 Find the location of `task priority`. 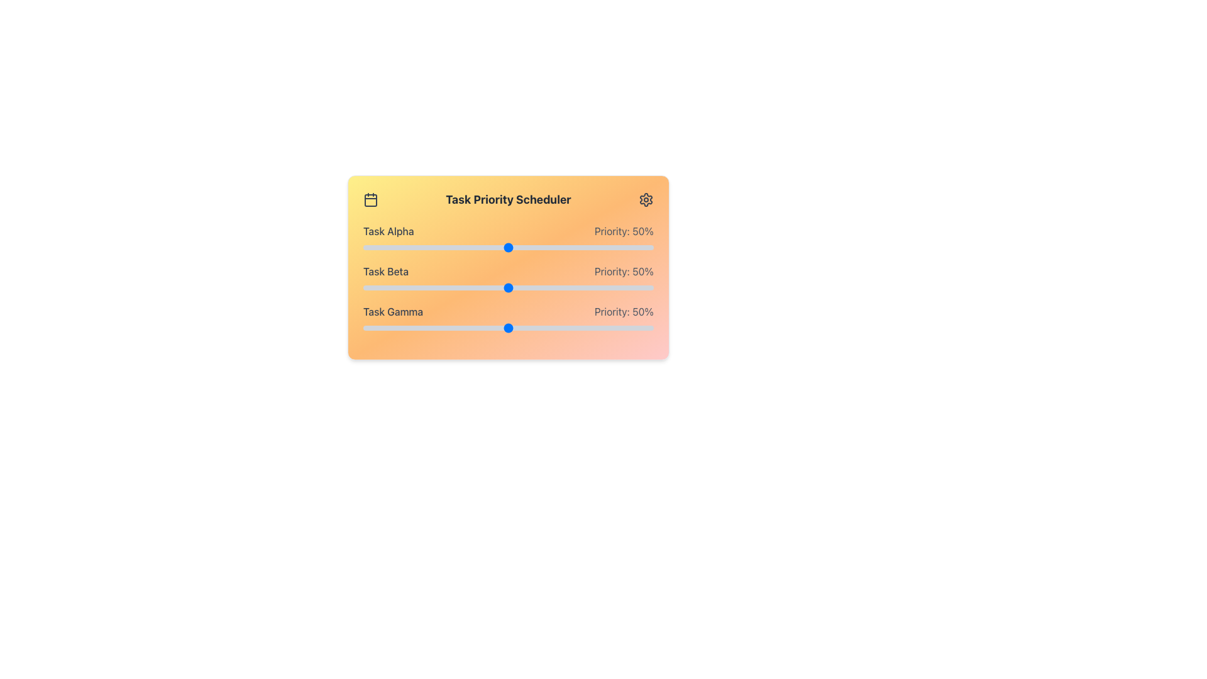

task priority is located at coordinates (473, 247).